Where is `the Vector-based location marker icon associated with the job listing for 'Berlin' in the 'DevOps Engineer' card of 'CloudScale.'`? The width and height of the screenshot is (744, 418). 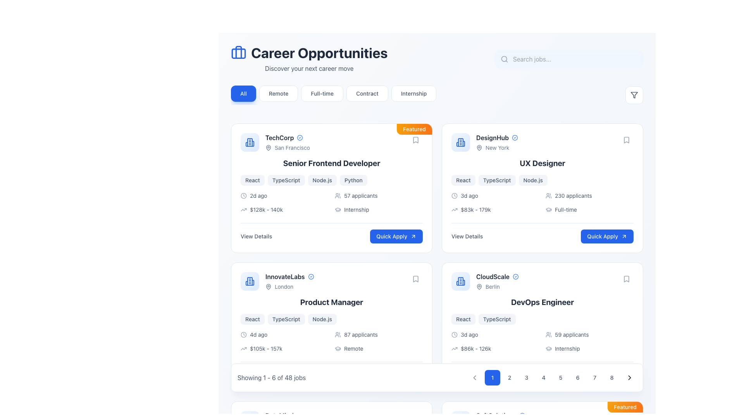 the Vector-based location marker icon associated with the job listing for 'Berlin' in the 'DevOps Engineer' card of 'CloudScale.' is located at coordinates (479, 286).